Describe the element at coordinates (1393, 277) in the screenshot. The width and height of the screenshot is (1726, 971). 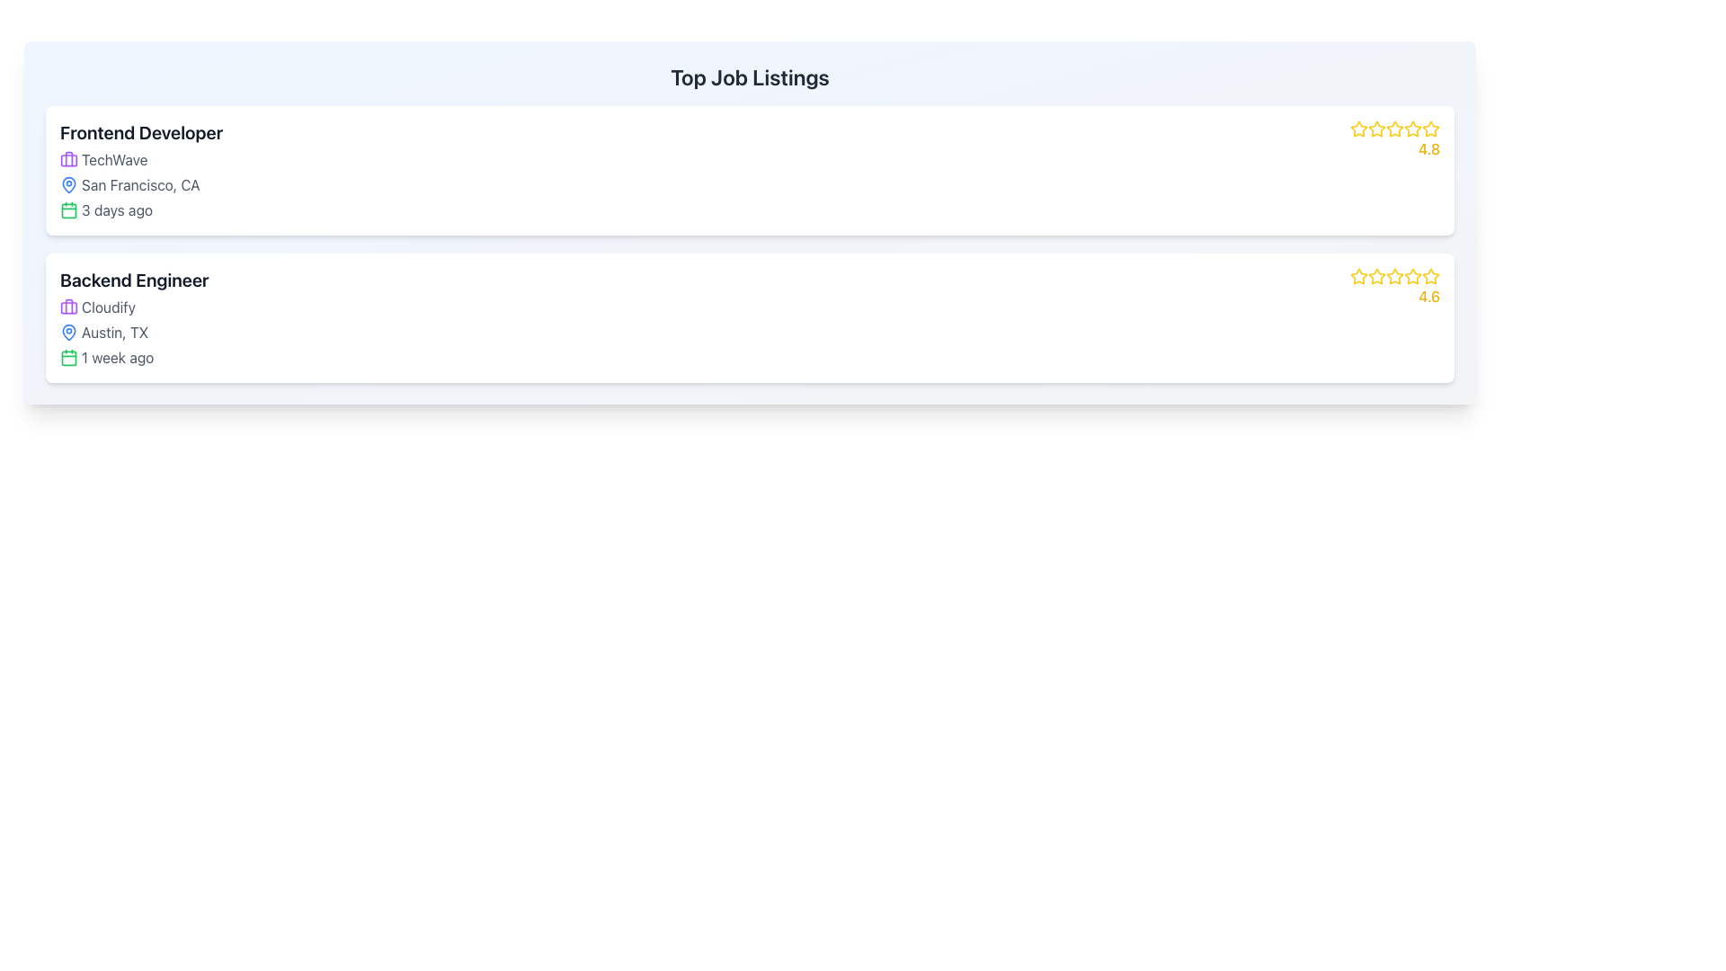
I see `the third star icon in the rating system located in the bottom job listing module on the right` at that location.